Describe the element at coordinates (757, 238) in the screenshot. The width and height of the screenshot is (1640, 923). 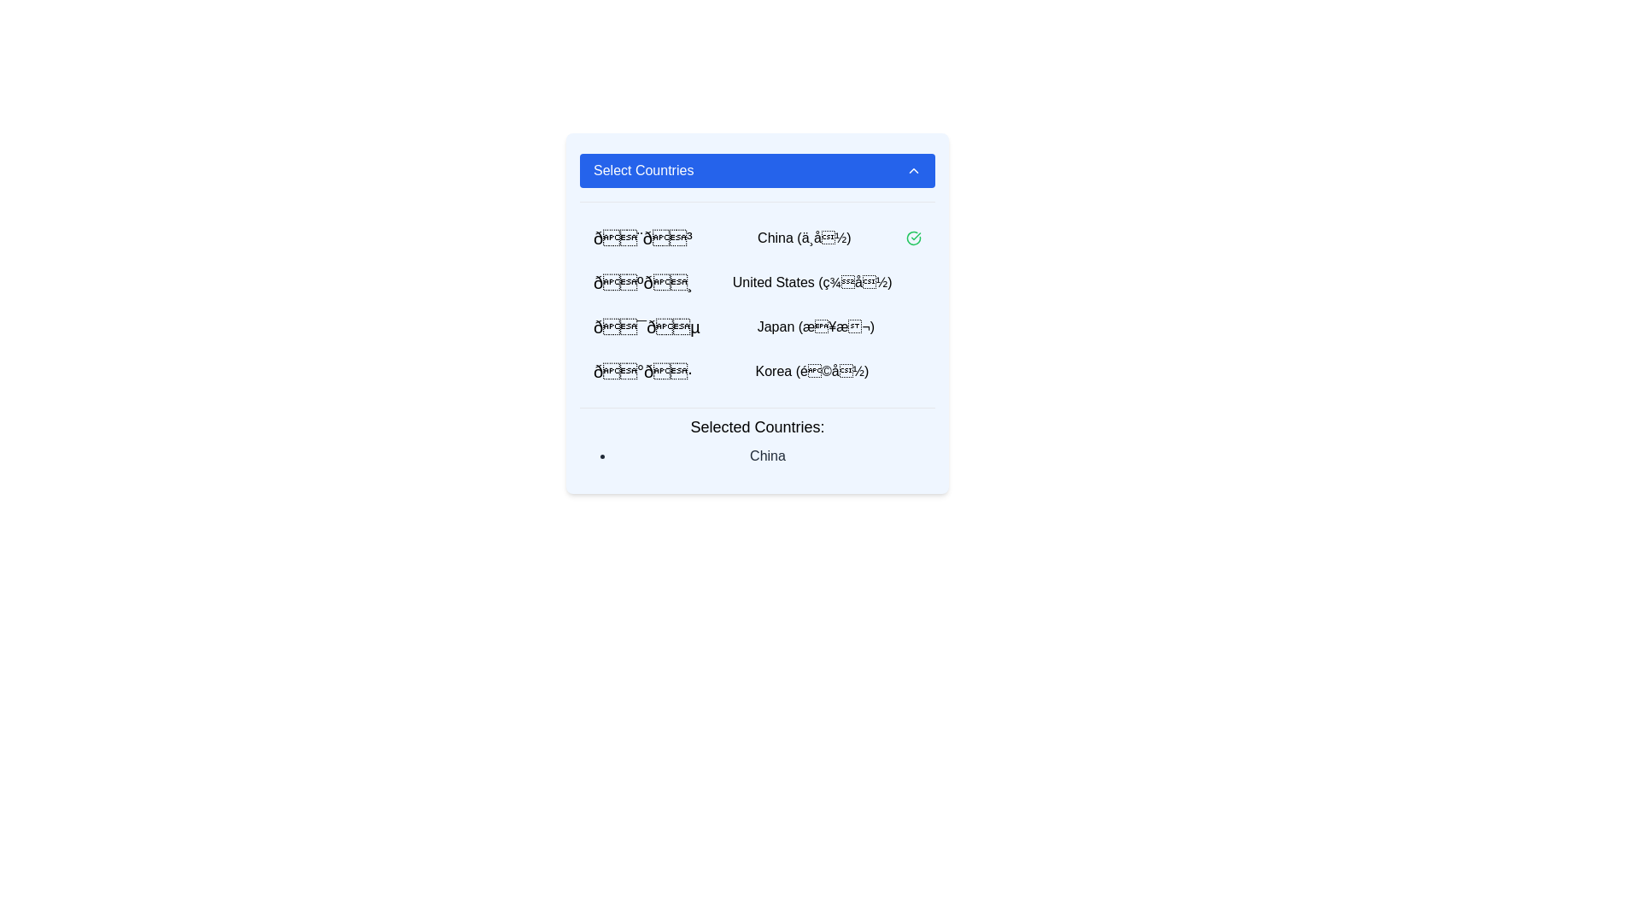
I see `the selectable list item for 'China (中国)'` at that location.